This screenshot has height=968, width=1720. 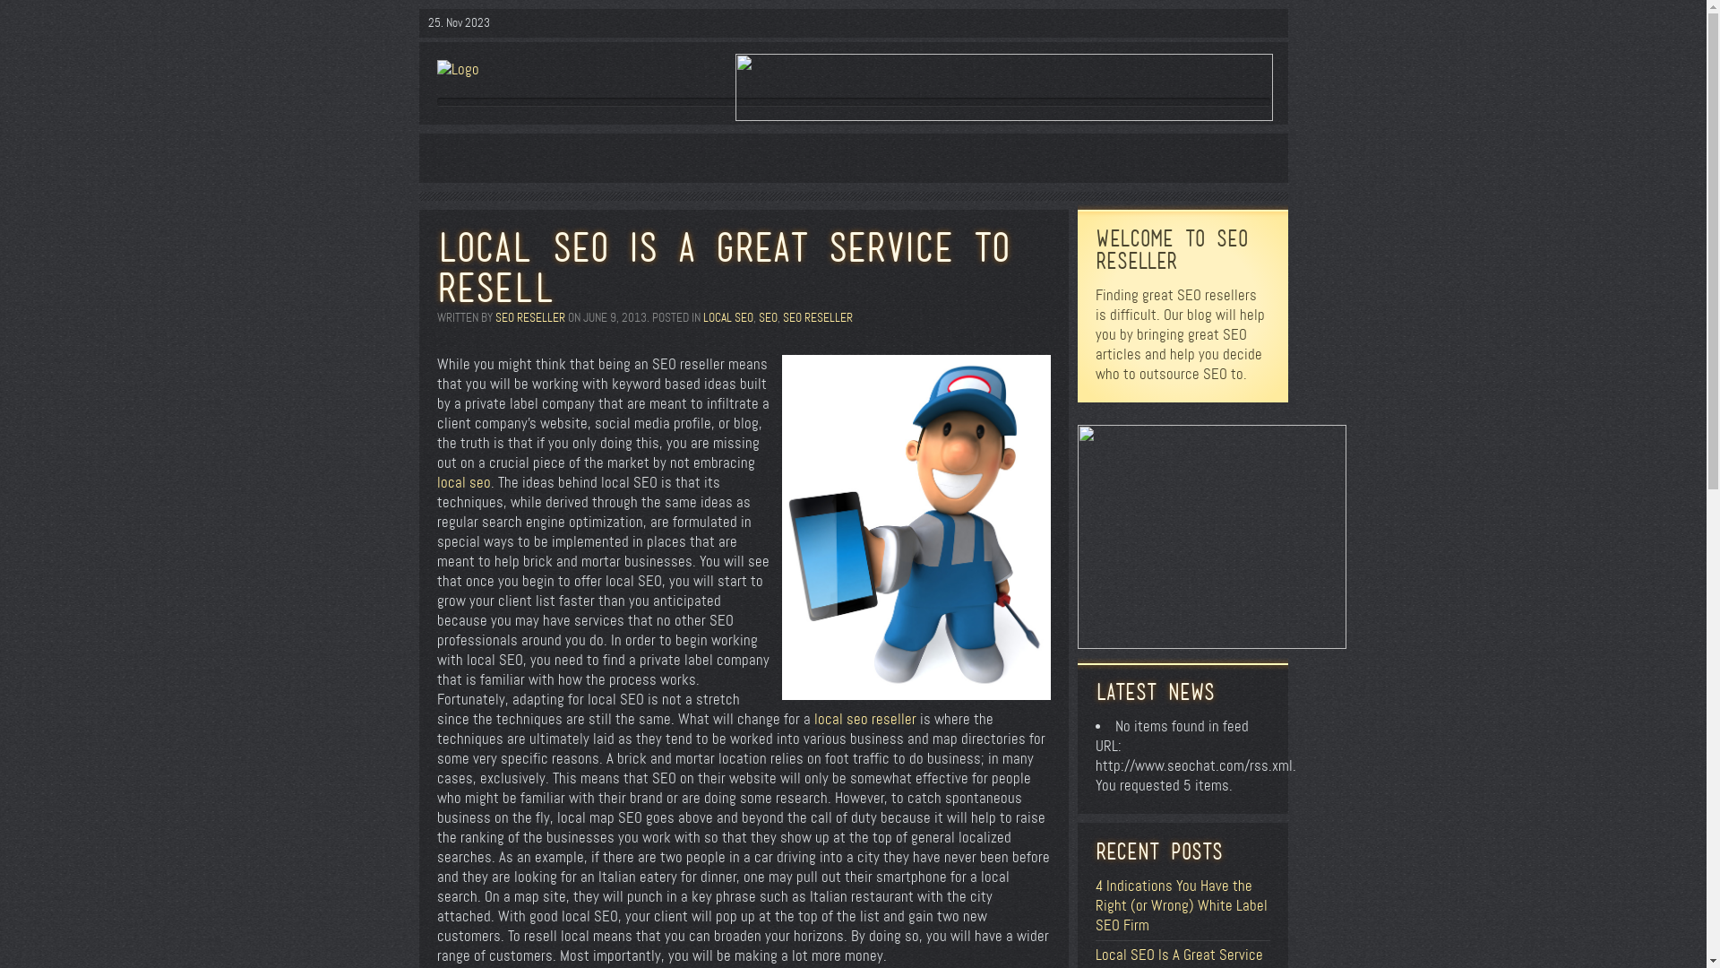 What do you see at coordinates (782, 316) in the screenshot?
I see `'SEO RESELLER'` at bounding box center [782, 316].